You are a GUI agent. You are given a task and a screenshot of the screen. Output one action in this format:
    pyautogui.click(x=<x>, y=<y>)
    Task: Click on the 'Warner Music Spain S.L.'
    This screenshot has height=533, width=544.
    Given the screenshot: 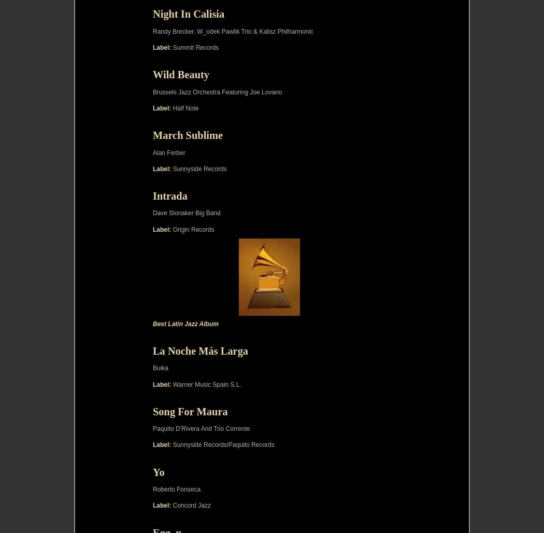 What is the action you would take?
    pyautogui.click(x=206, y=383)
    